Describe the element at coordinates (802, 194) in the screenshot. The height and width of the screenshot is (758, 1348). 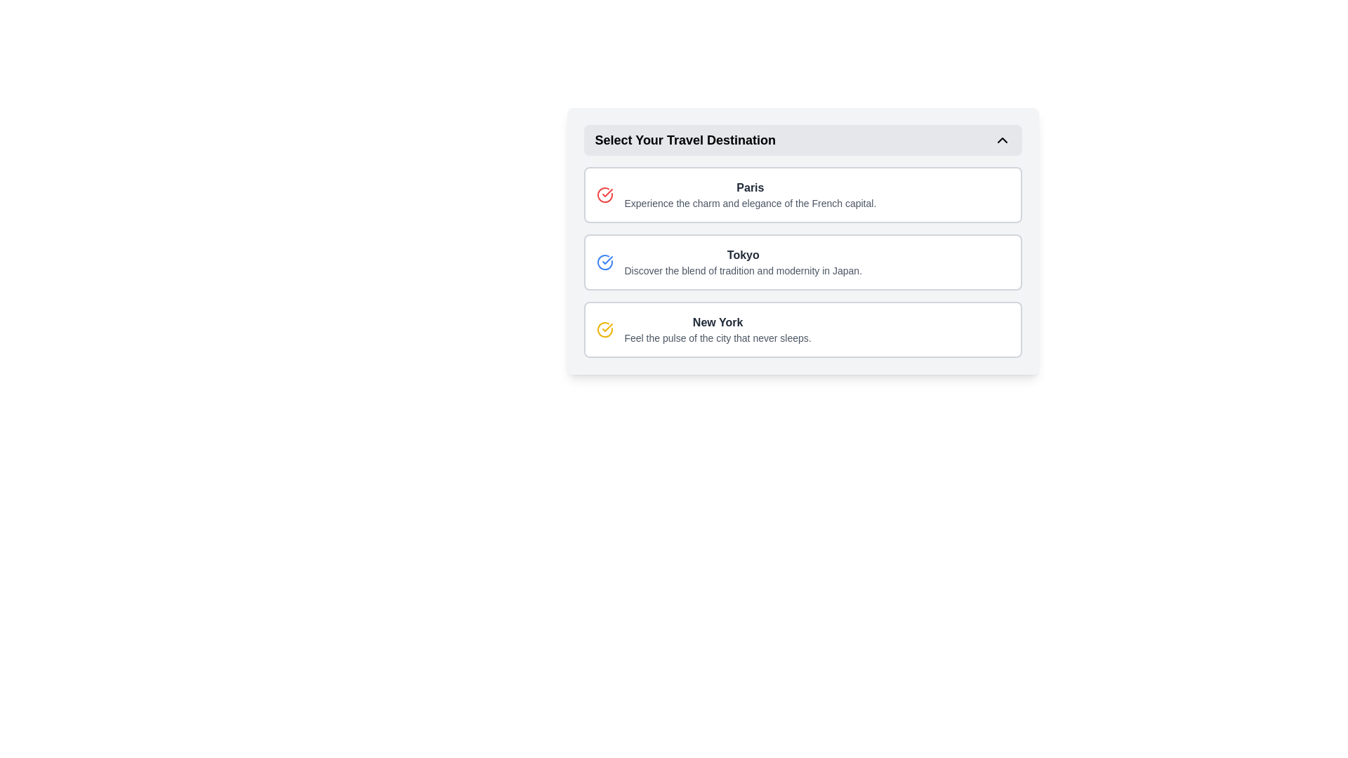
I see `the interactive card titled 'Paris'` at that location.